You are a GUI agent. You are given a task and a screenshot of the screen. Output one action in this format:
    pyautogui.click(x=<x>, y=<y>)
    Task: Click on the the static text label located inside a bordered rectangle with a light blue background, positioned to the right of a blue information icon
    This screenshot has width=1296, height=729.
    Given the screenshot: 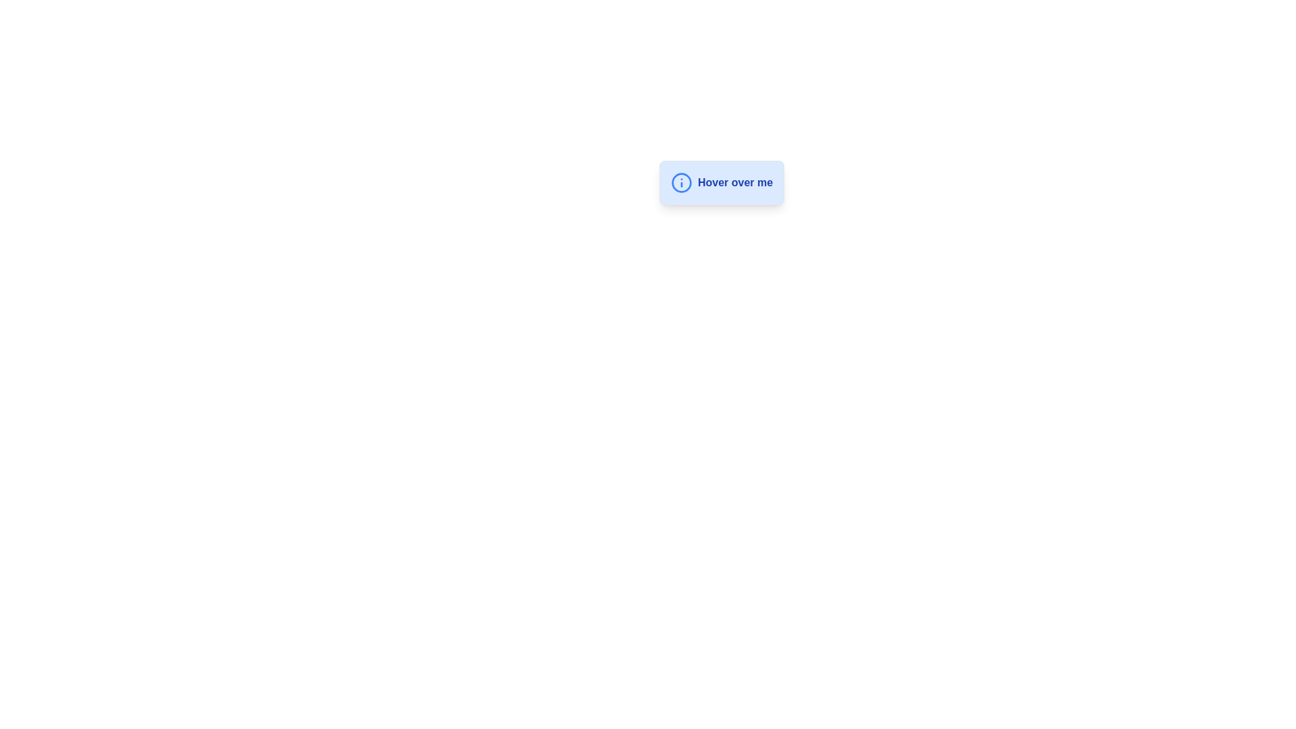 What is the action you would take?
    pyautogui.click(x=734, y=182)
    